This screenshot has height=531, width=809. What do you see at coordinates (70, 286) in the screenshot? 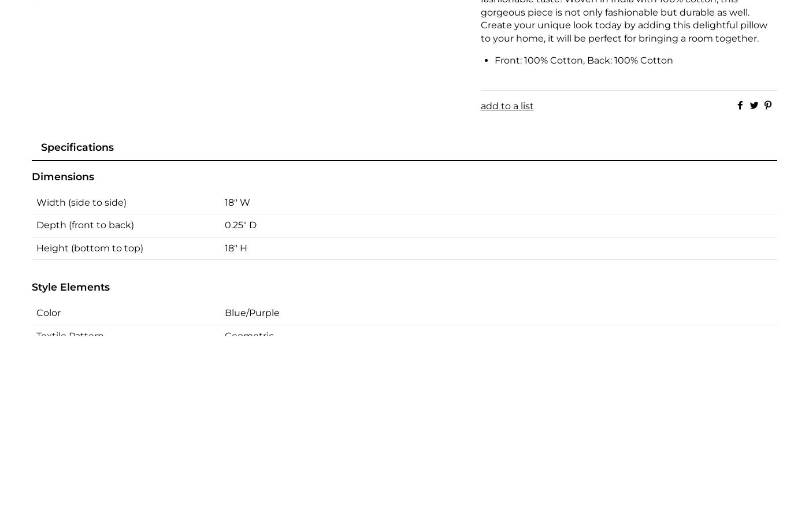
I see `'Style Elements'` at bounding box center [70, 286].